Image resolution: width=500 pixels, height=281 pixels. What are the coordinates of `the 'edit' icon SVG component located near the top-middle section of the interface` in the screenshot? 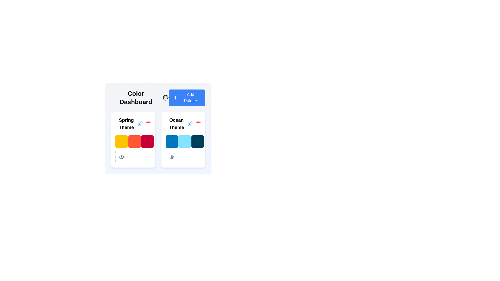 It's located at (140, 123).